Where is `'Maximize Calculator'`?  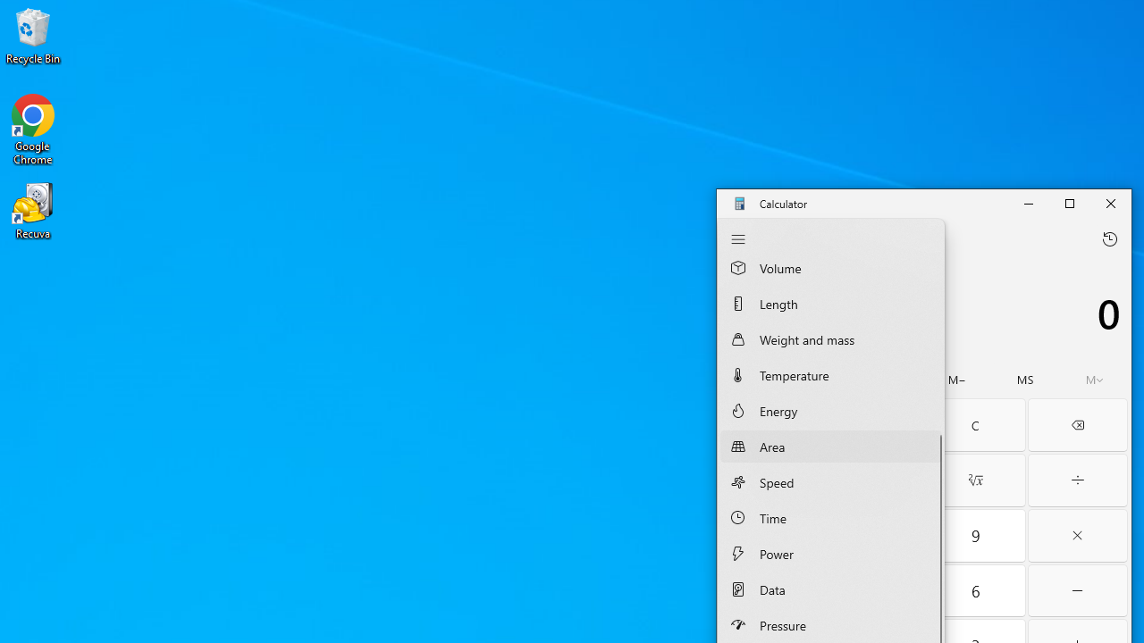 'Maximize Calculator' is located at coordinates (1069, 202).